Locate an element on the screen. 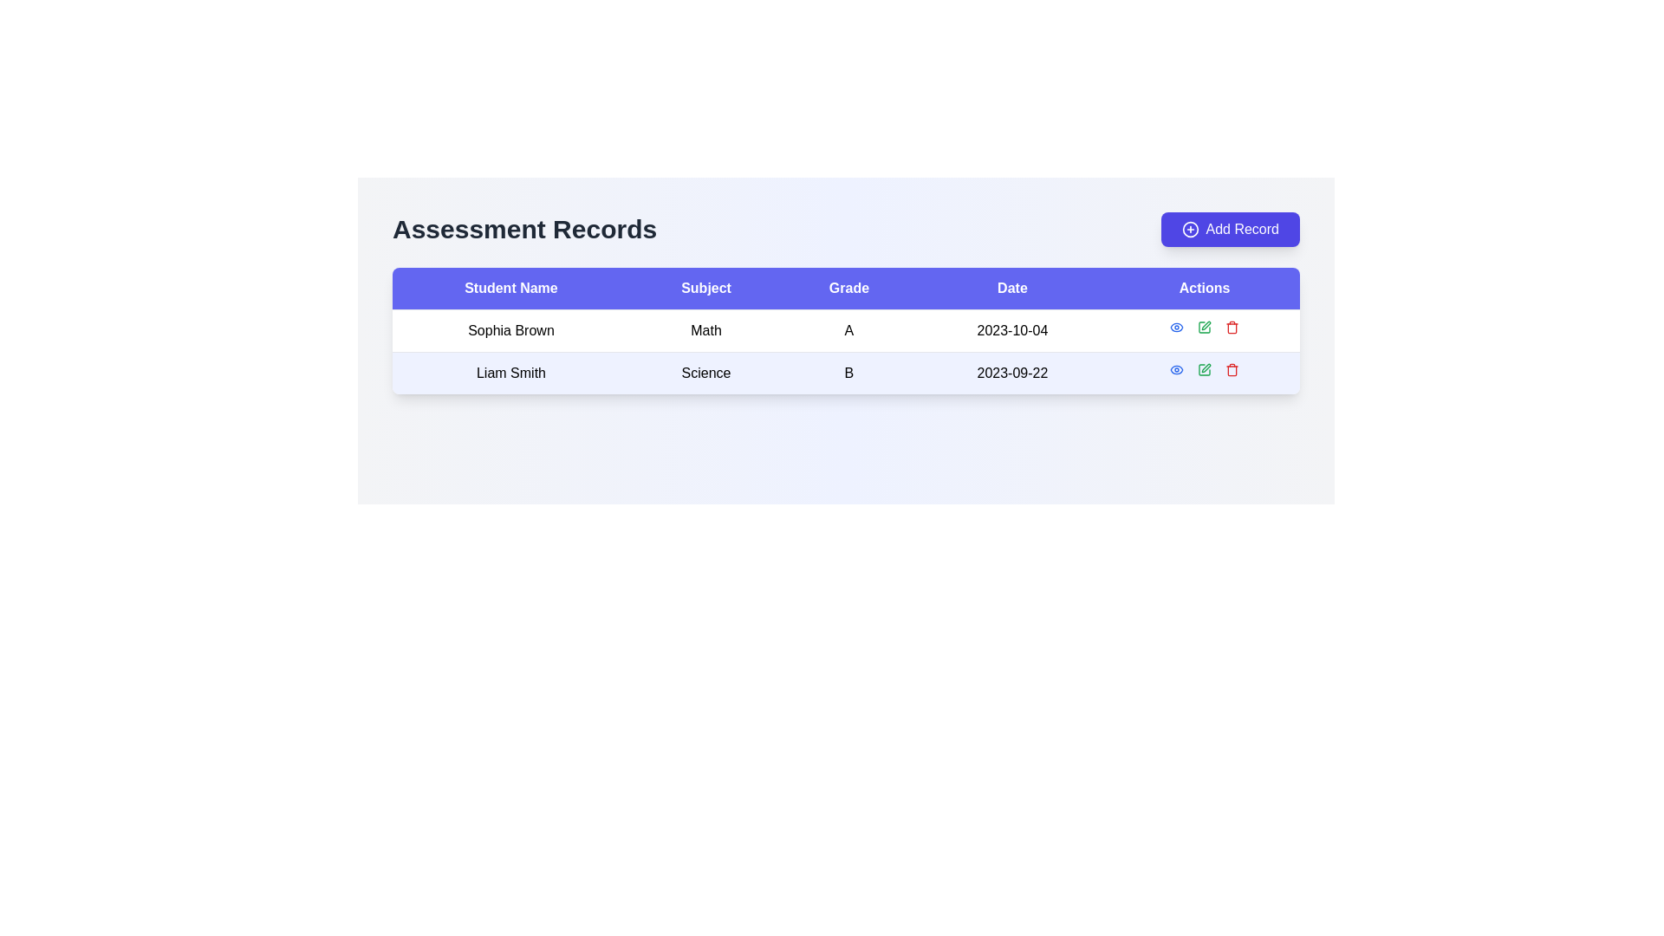 The height and width of the screenshot is (936, 1664). the circular outline graphic icon within the 'Add Record' button located in the top-right corner of the interface to test its interaction feedback is located at coordinates (1189, 229).